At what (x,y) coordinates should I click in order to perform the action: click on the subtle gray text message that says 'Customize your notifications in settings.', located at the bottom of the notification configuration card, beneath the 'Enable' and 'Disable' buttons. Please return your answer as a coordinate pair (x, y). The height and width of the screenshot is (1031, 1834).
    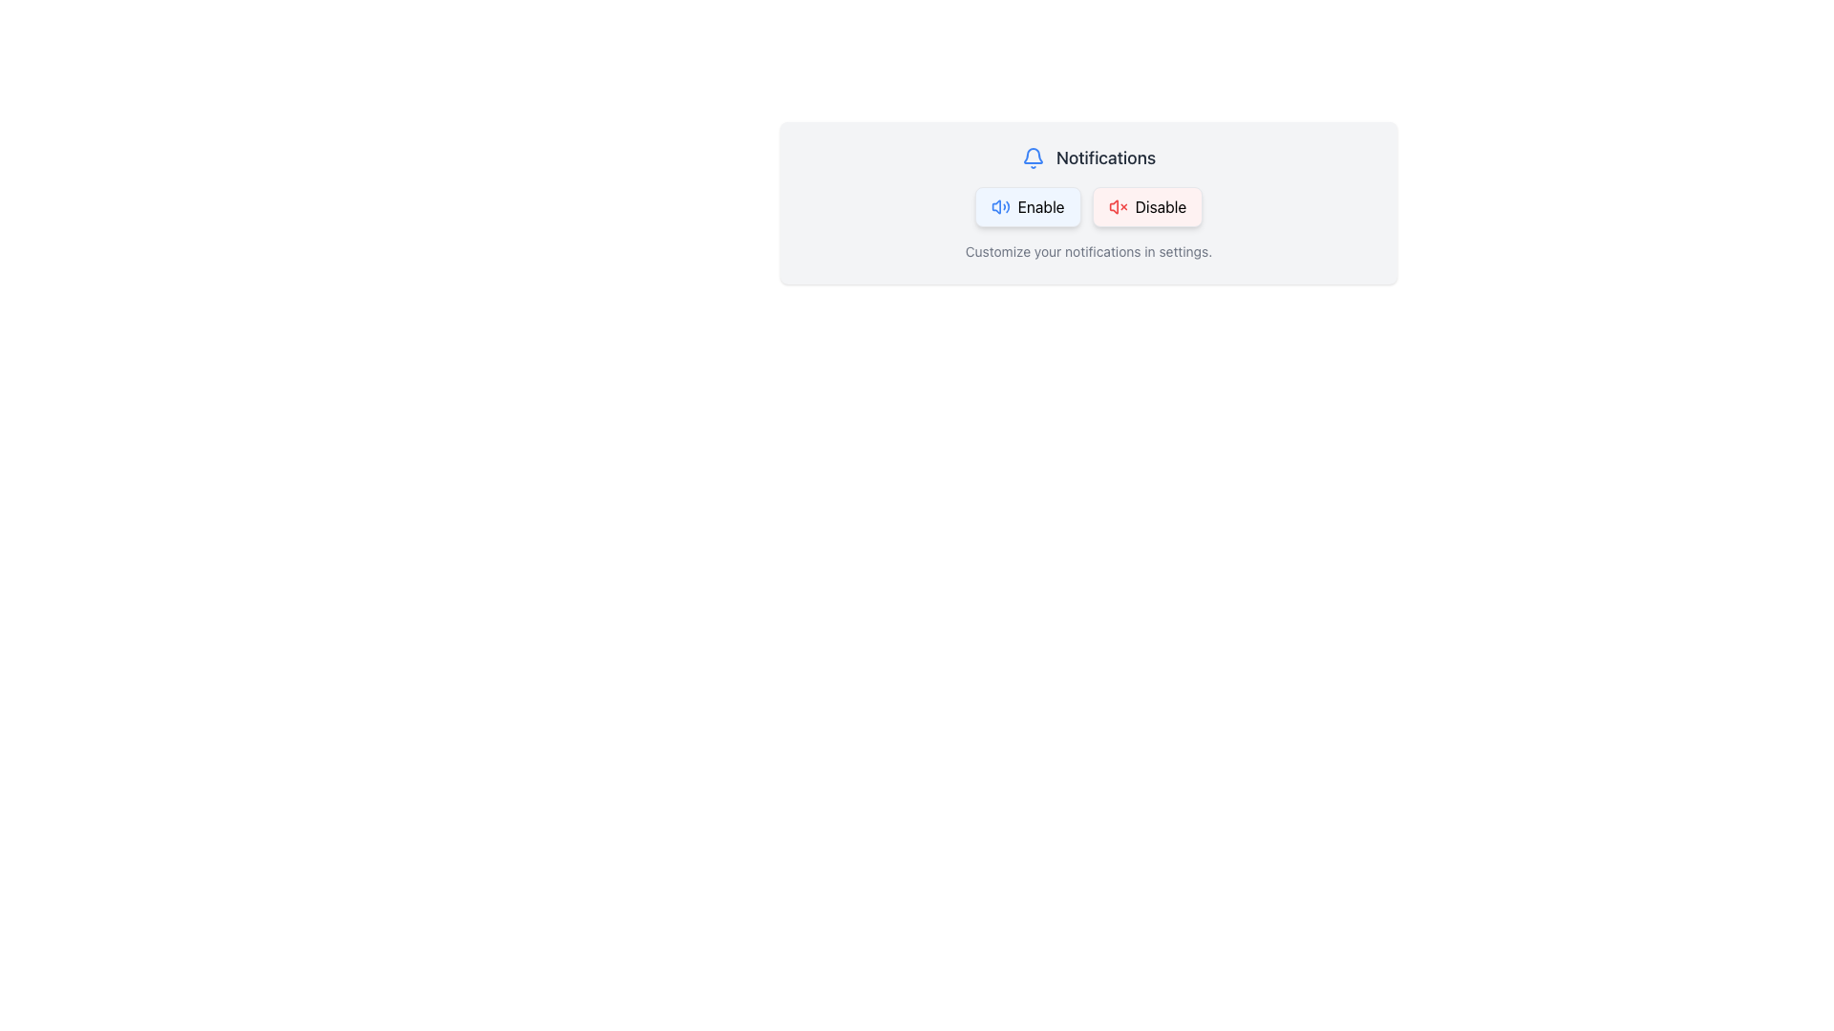
    Looking at the image, I should click on (1089, 250).